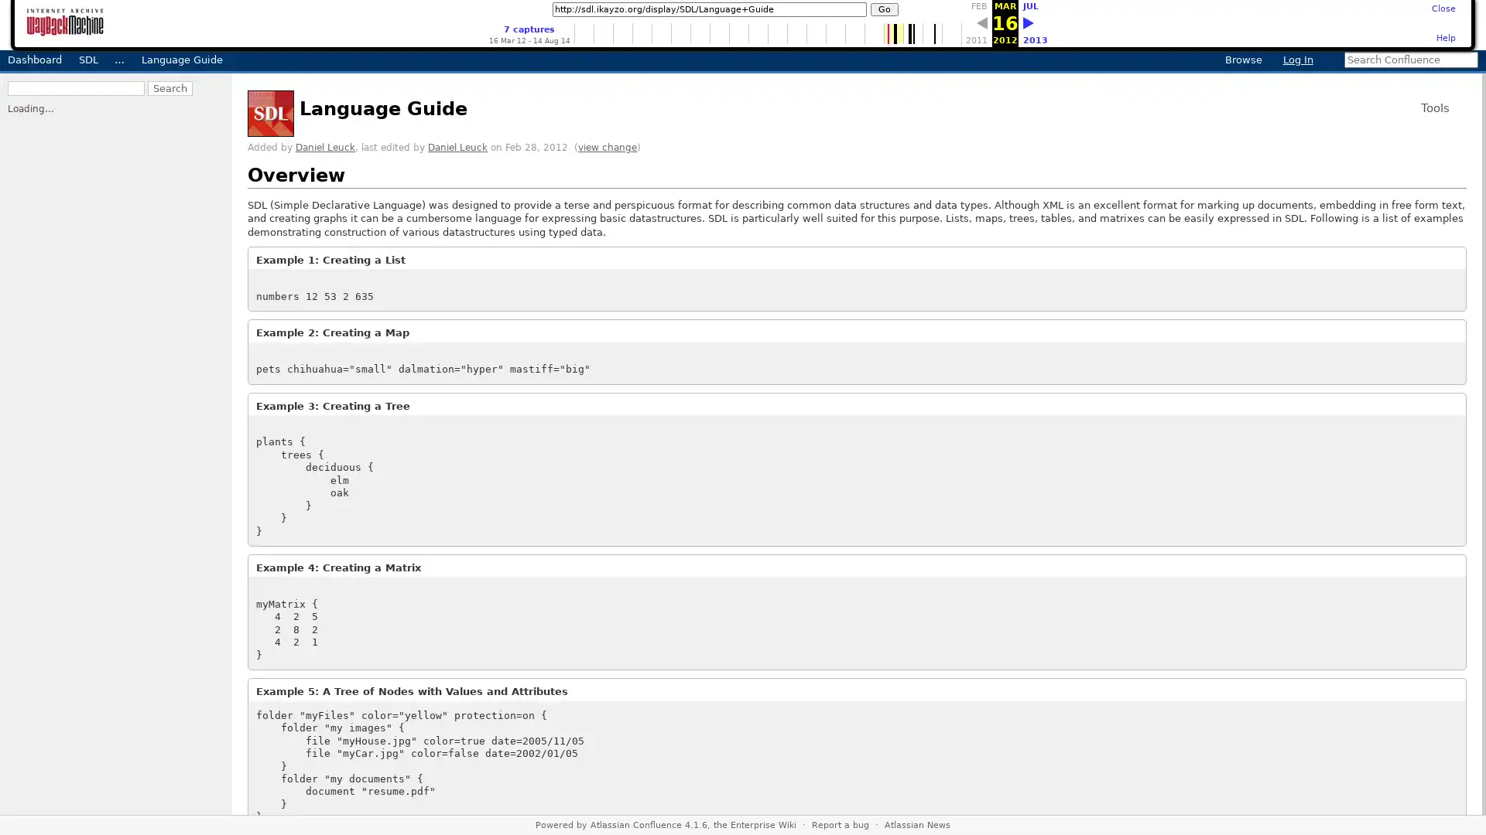  Describe the element at coordinates (170, 87) in the screenshot. I see `Search` at that location.